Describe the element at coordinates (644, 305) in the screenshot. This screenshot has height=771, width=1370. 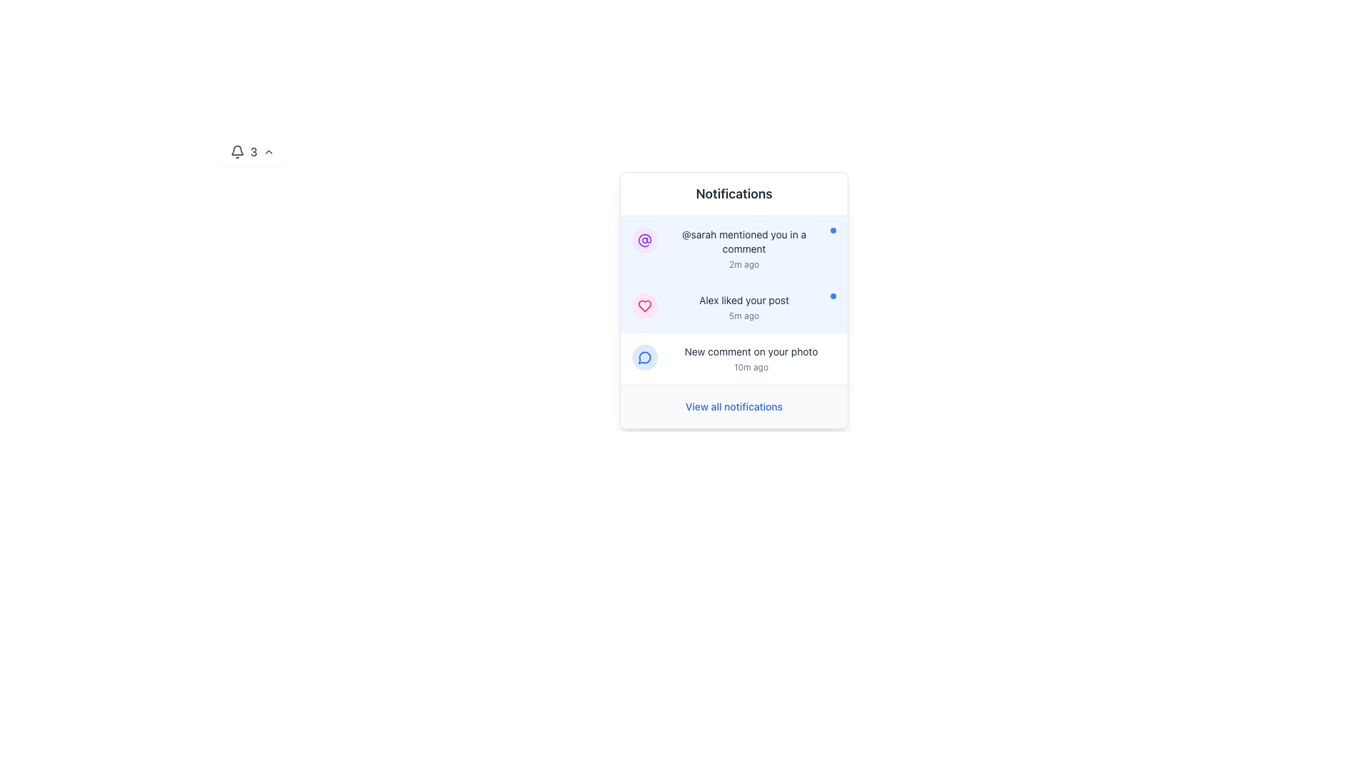
I see `the heart icon within a circular pink background that symbolizes a 'like' action, positioned at the beginning of the notification 'Alex liked your post'` at that location.